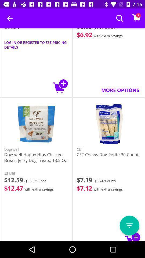 The image size is (145, 258). I want to click on more options, so click(129, 225).